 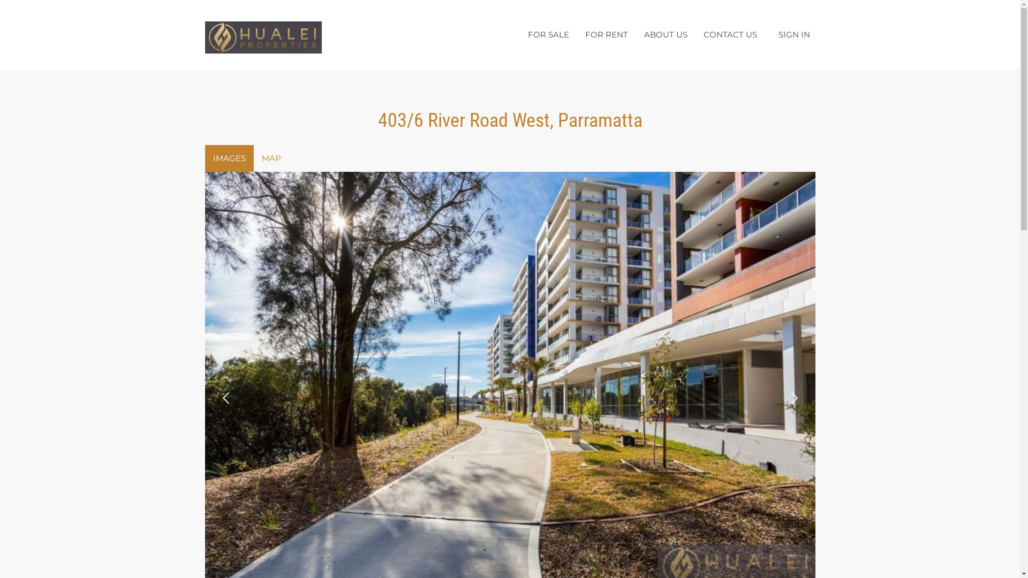 What do you see at coordinates (225, 398) in the screenshot?
I see `'prev'` at bounding box center [225, 398].